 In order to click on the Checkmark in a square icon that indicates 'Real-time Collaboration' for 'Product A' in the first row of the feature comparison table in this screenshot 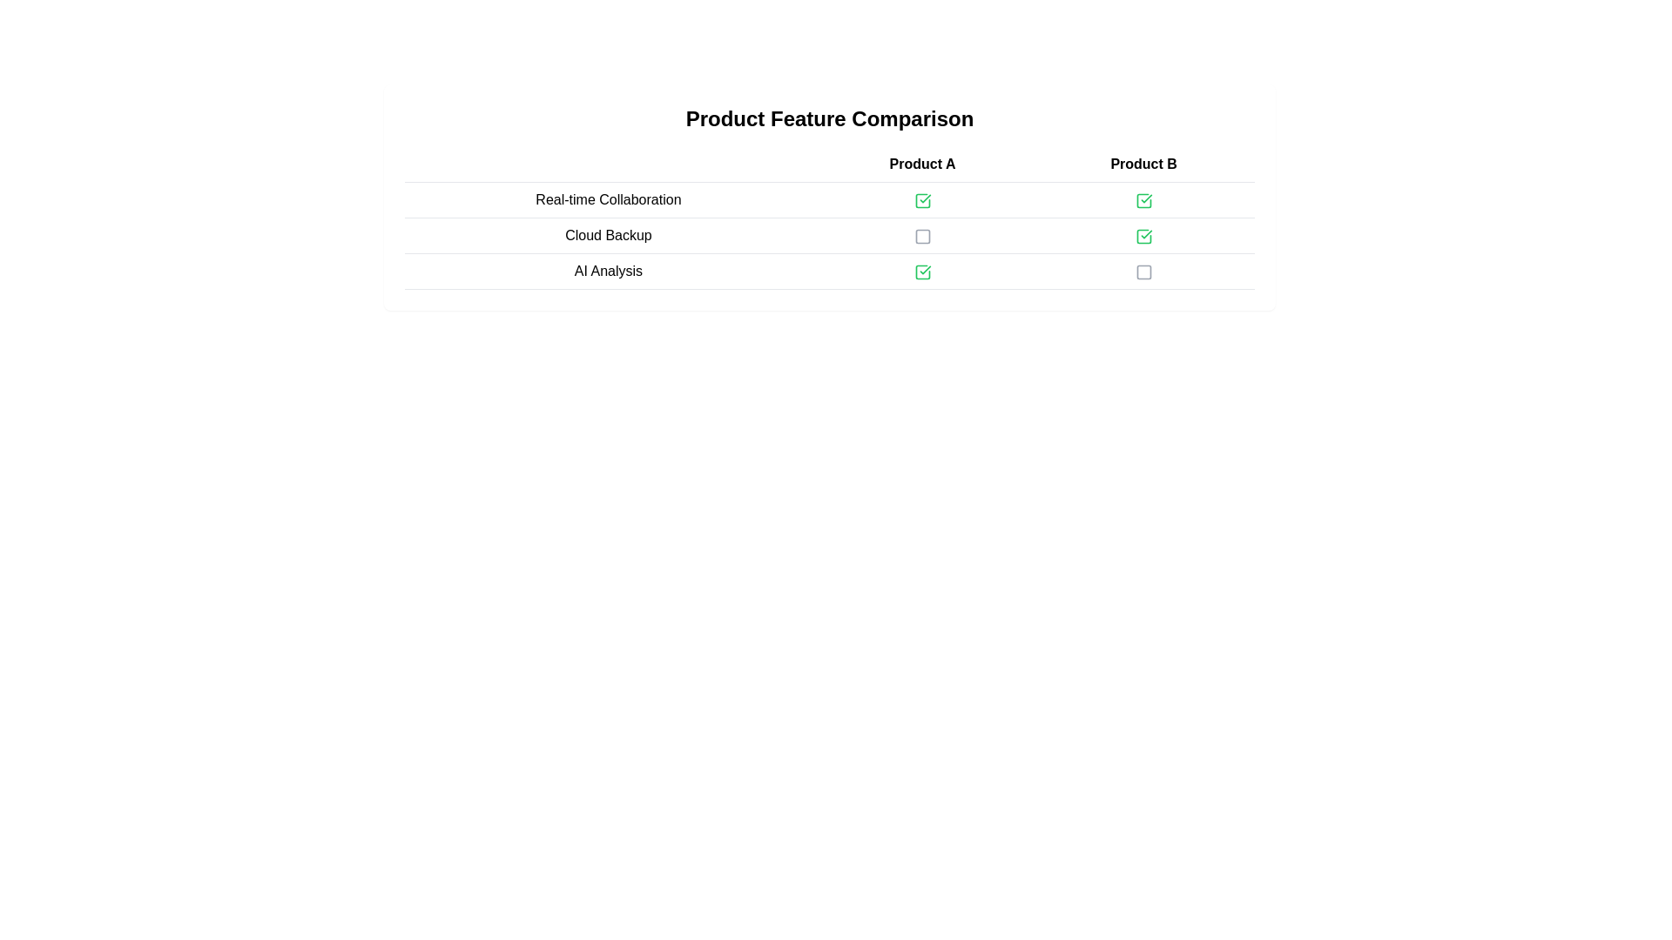, I will do `click(921, 199)`.